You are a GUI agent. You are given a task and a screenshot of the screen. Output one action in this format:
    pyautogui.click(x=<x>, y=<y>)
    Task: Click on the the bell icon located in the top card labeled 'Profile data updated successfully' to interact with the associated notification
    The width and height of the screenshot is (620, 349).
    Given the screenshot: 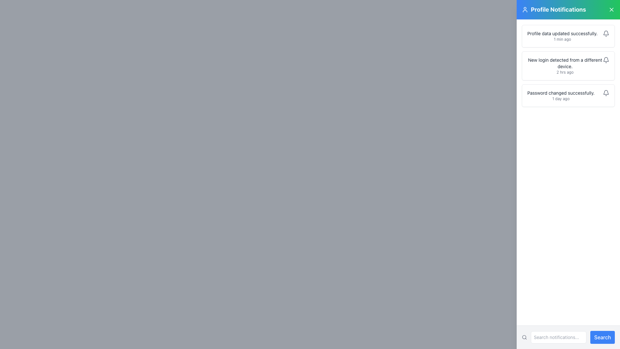 What is the action you would take?
    pyautogui.click(x=605, y=34)
    